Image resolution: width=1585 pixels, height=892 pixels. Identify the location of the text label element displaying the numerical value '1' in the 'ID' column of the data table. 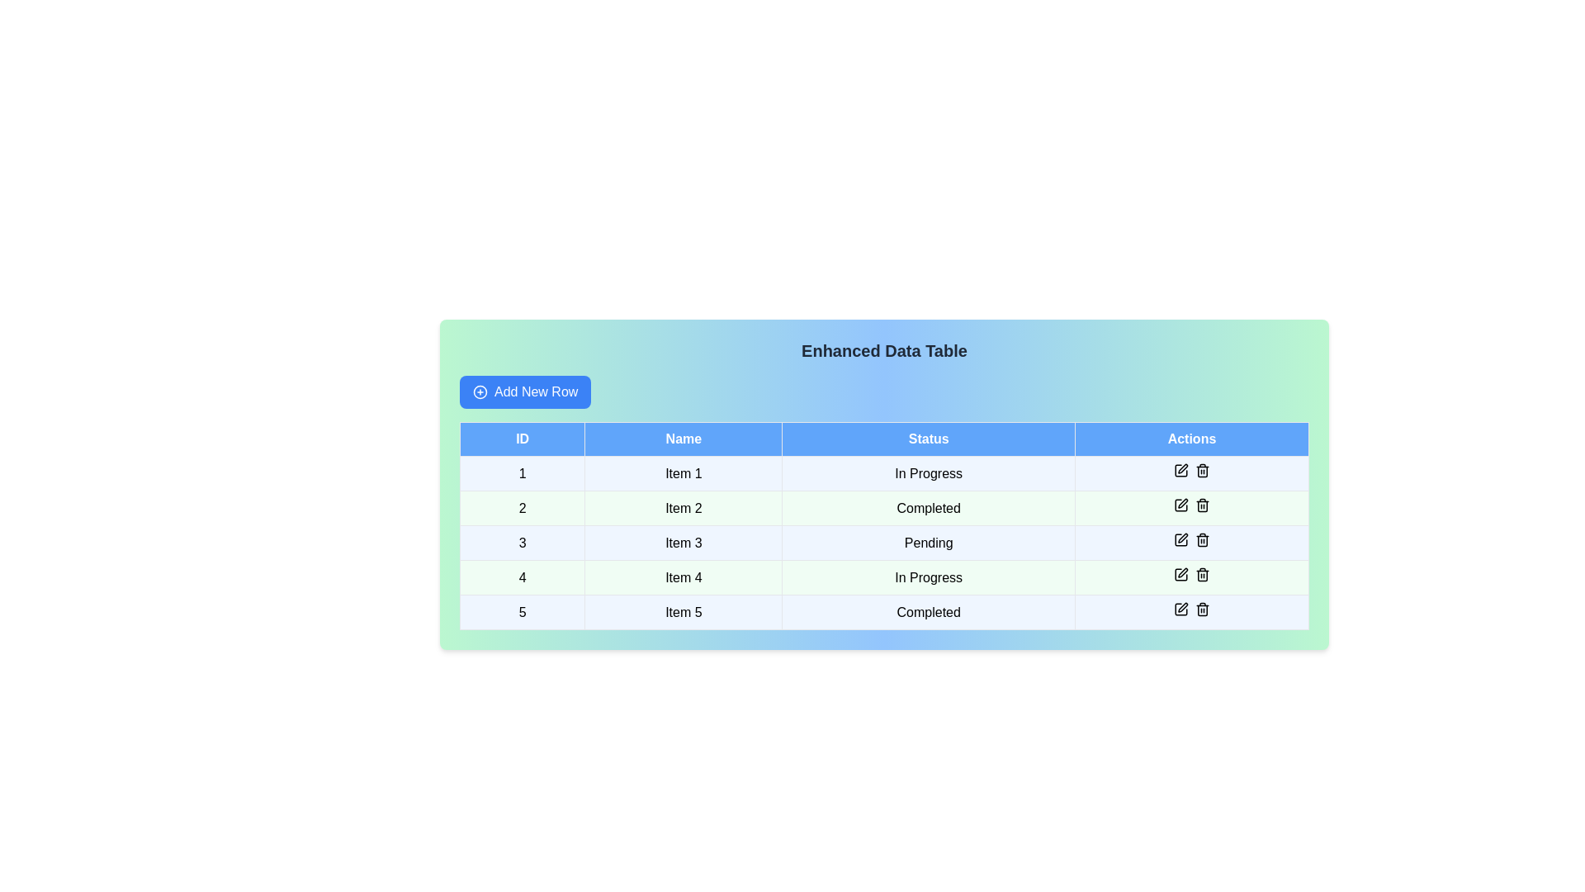
(522, 473).